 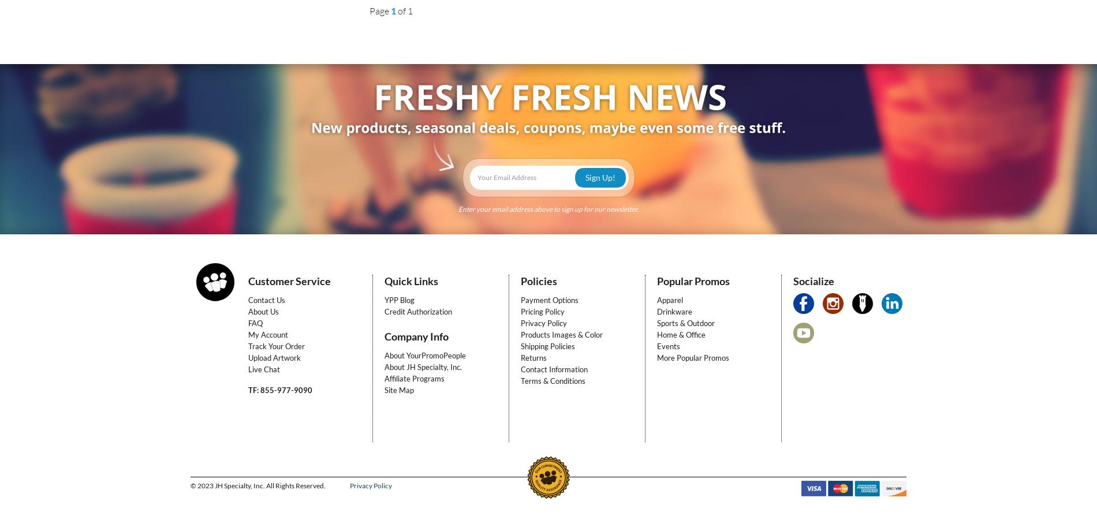 I want to click on 'Upload Artwork', so click(x=274, y=357).